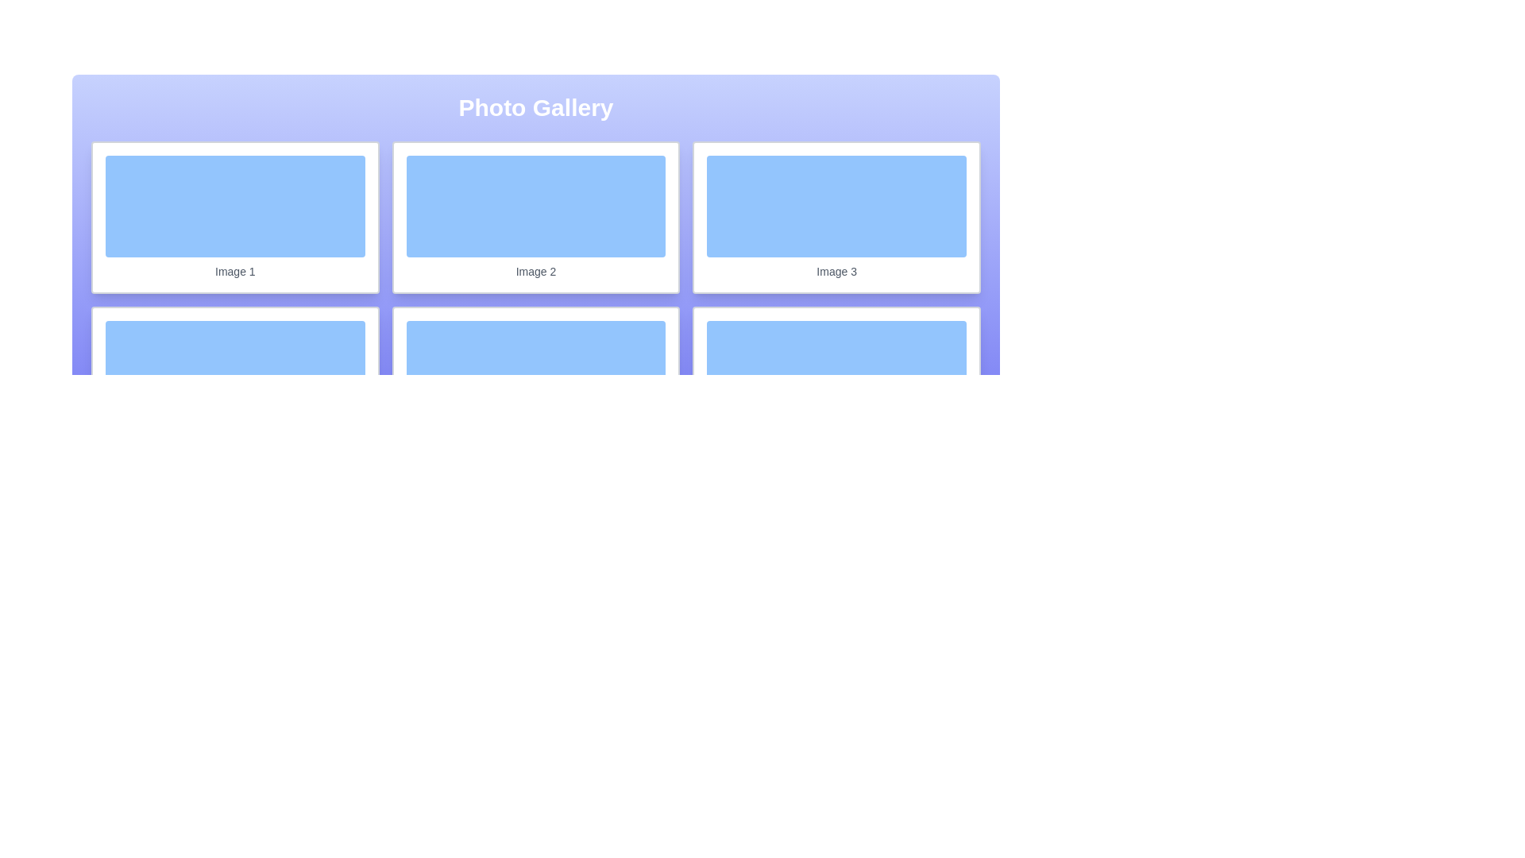 The width and height of the screenshot is (1525, 858). I want to click on text from the label located at the bottom section of the first photo card in the photo gallery, so click(234, 271).